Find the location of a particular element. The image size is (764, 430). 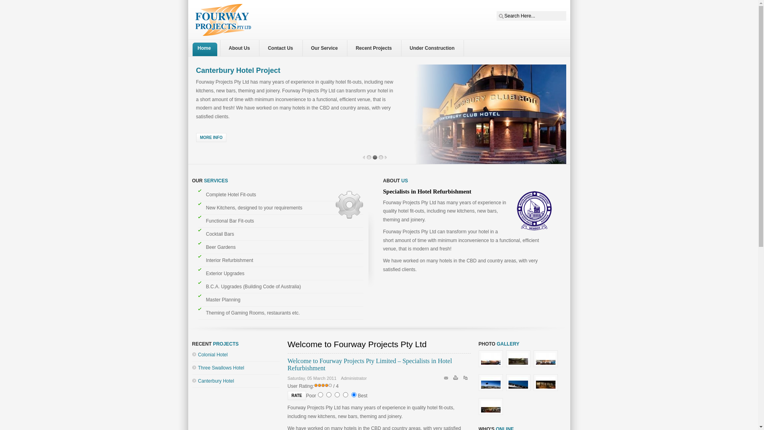

'Photo Gallery' is located at coordinates (520, 367).